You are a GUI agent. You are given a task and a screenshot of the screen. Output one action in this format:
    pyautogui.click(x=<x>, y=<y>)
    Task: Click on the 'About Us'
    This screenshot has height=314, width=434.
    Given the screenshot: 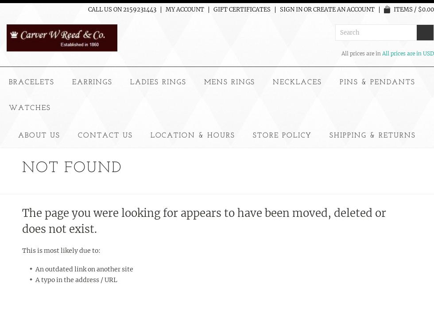 What is the action you would take?
    pyautogui.click(x=39, y=135)
    